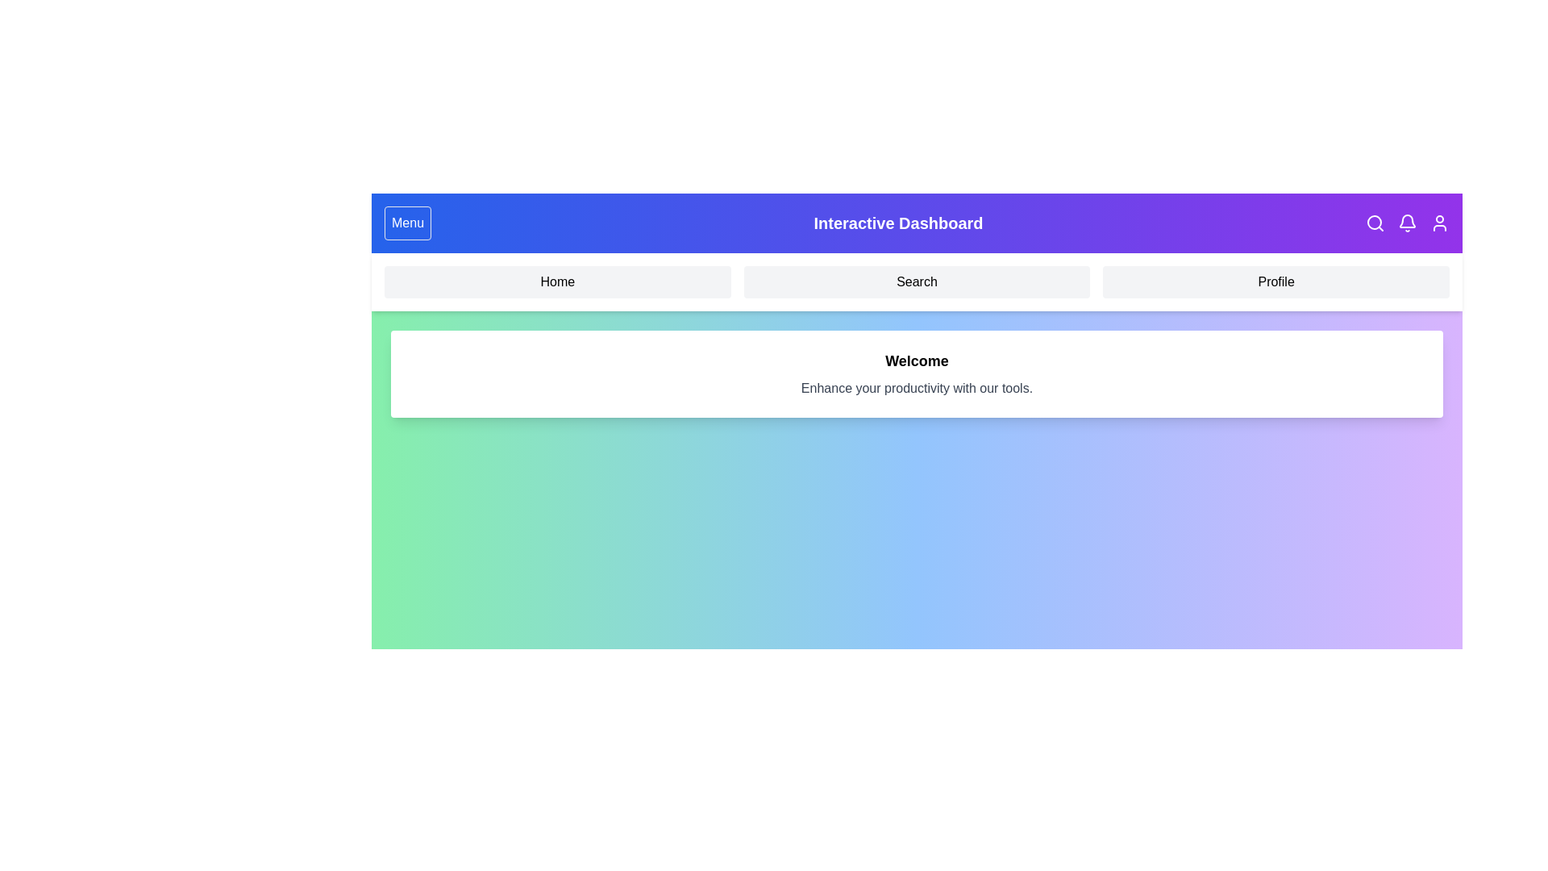 Image resolution: width=1548 pixels, height=871 pixels. I want to click on the 'Profile' link in the menu, so click(1275, 281).